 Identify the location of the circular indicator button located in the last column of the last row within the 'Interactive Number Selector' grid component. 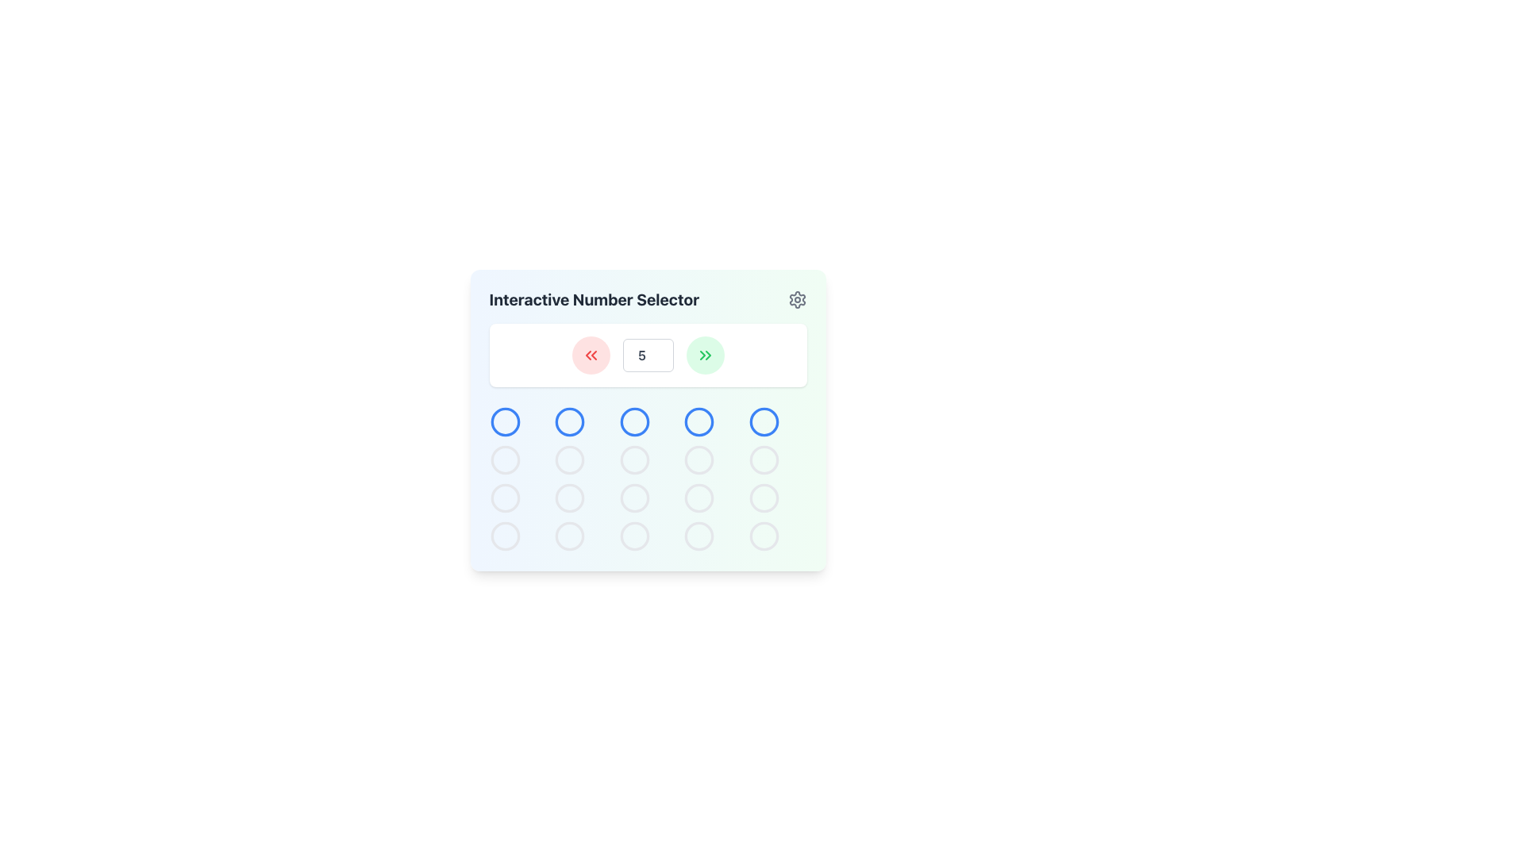
(698, 536).